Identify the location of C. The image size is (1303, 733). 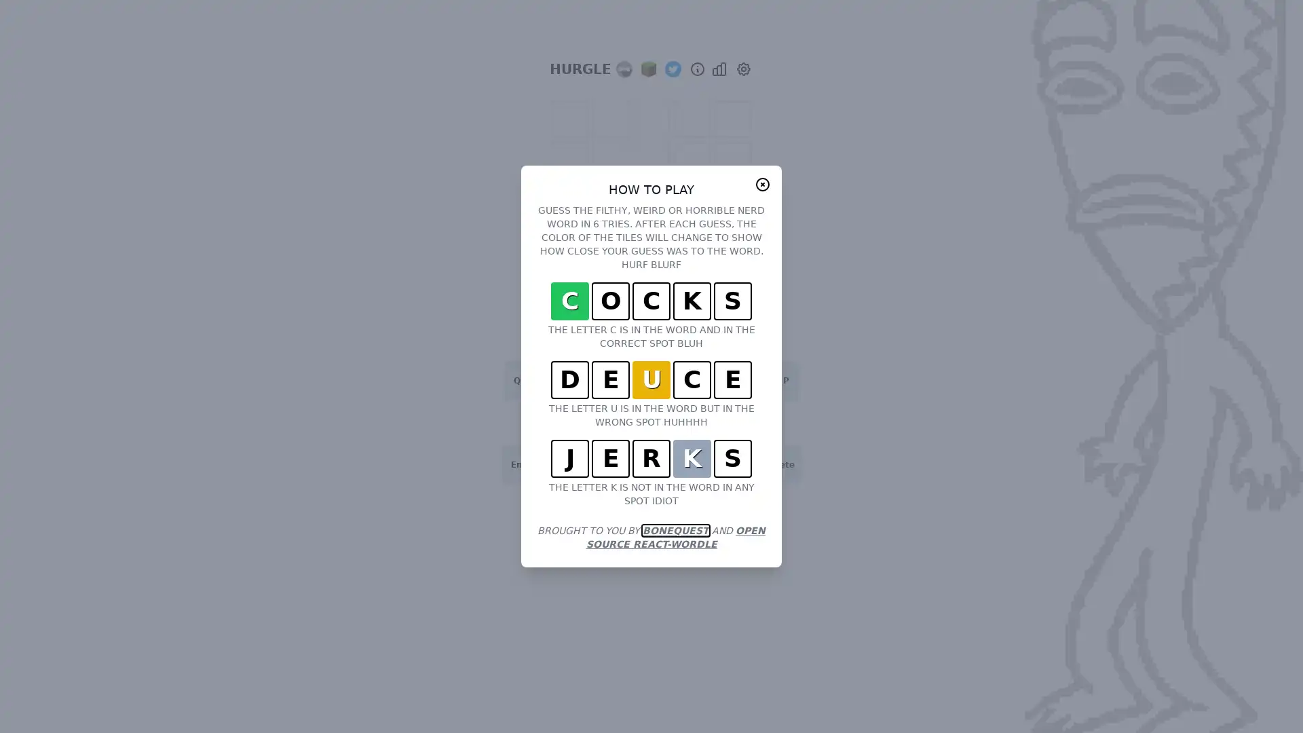
(621, 464).